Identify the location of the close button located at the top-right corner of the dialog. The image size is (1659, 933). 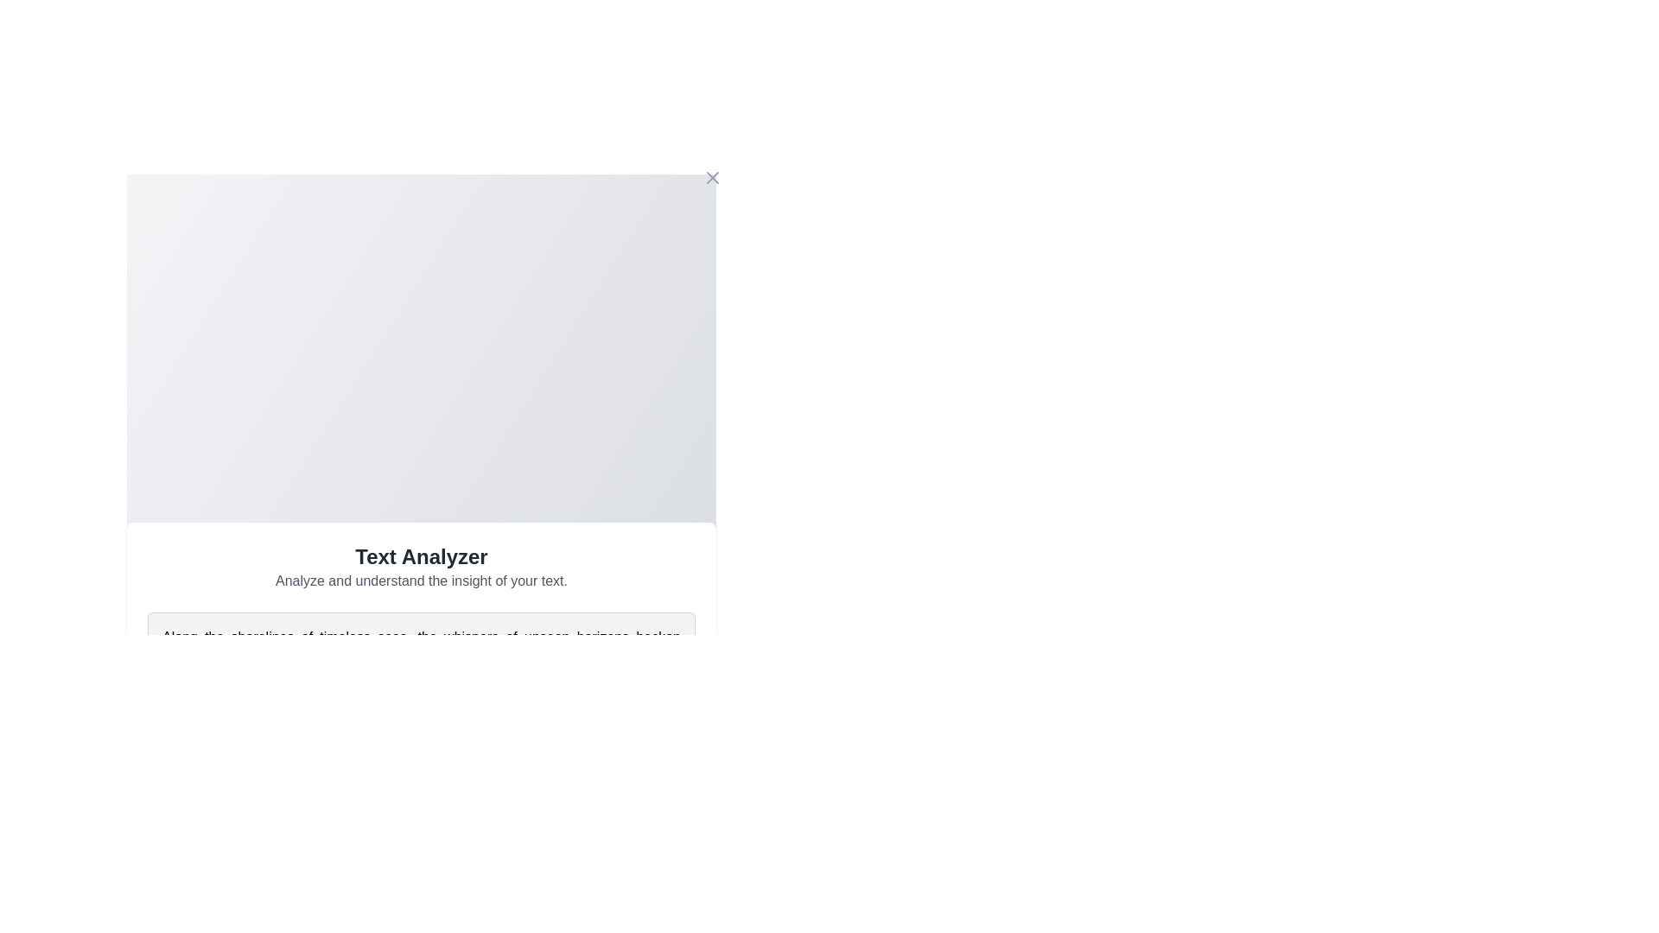
(713, 177).